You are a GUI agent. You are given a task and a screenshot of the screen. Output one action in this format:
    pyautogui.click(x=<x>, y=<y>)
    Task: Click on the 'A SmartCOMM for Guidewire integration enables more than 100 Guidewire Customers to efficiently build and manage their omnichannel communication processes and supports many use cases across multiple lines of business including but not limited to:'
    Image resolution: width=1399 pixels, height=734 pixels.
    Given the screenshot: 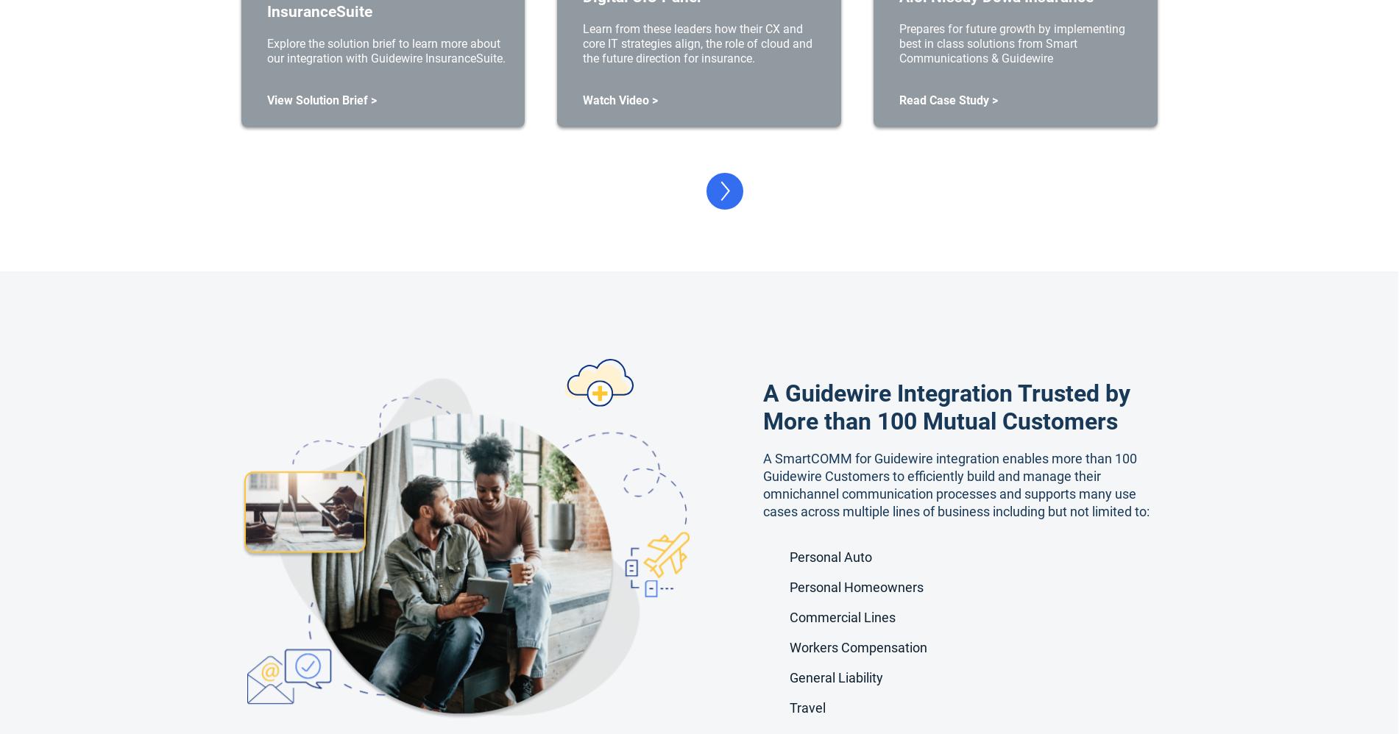 What is the action you would take?
    pyautogui.click(x=956, y=484)
    